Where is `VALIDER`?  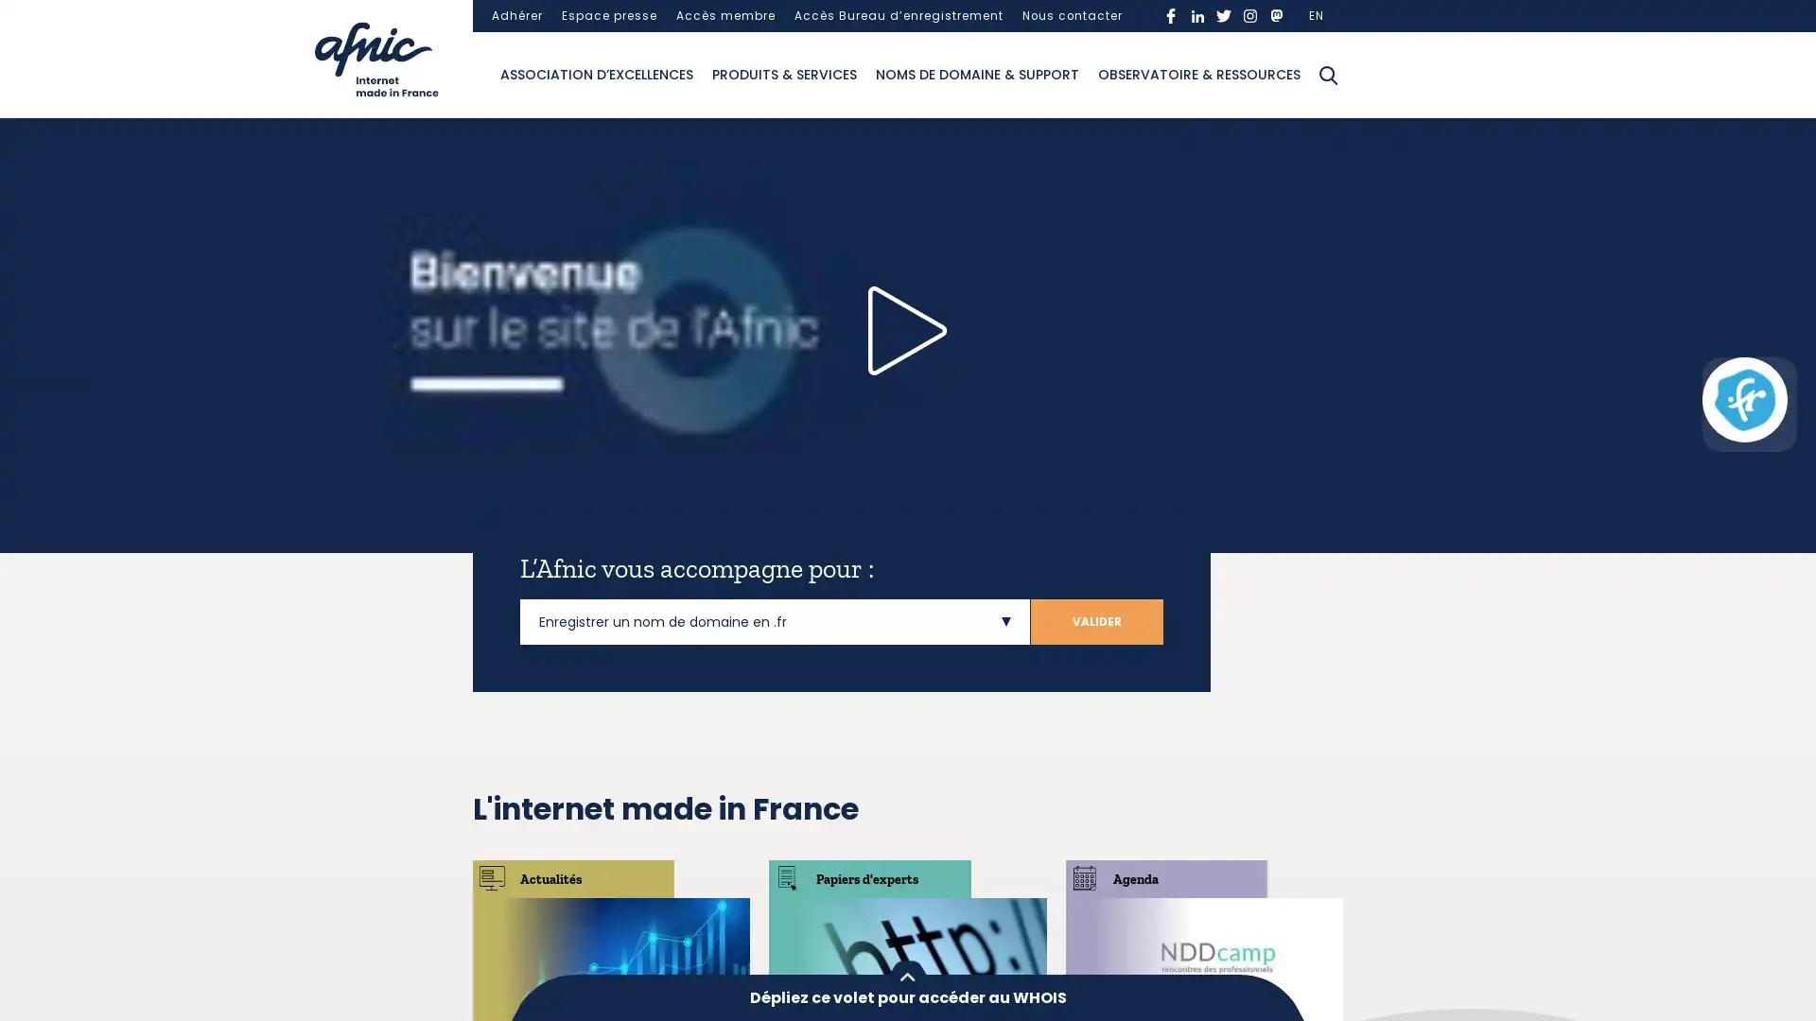 VALIDER is located at coordinates (1097, 621).